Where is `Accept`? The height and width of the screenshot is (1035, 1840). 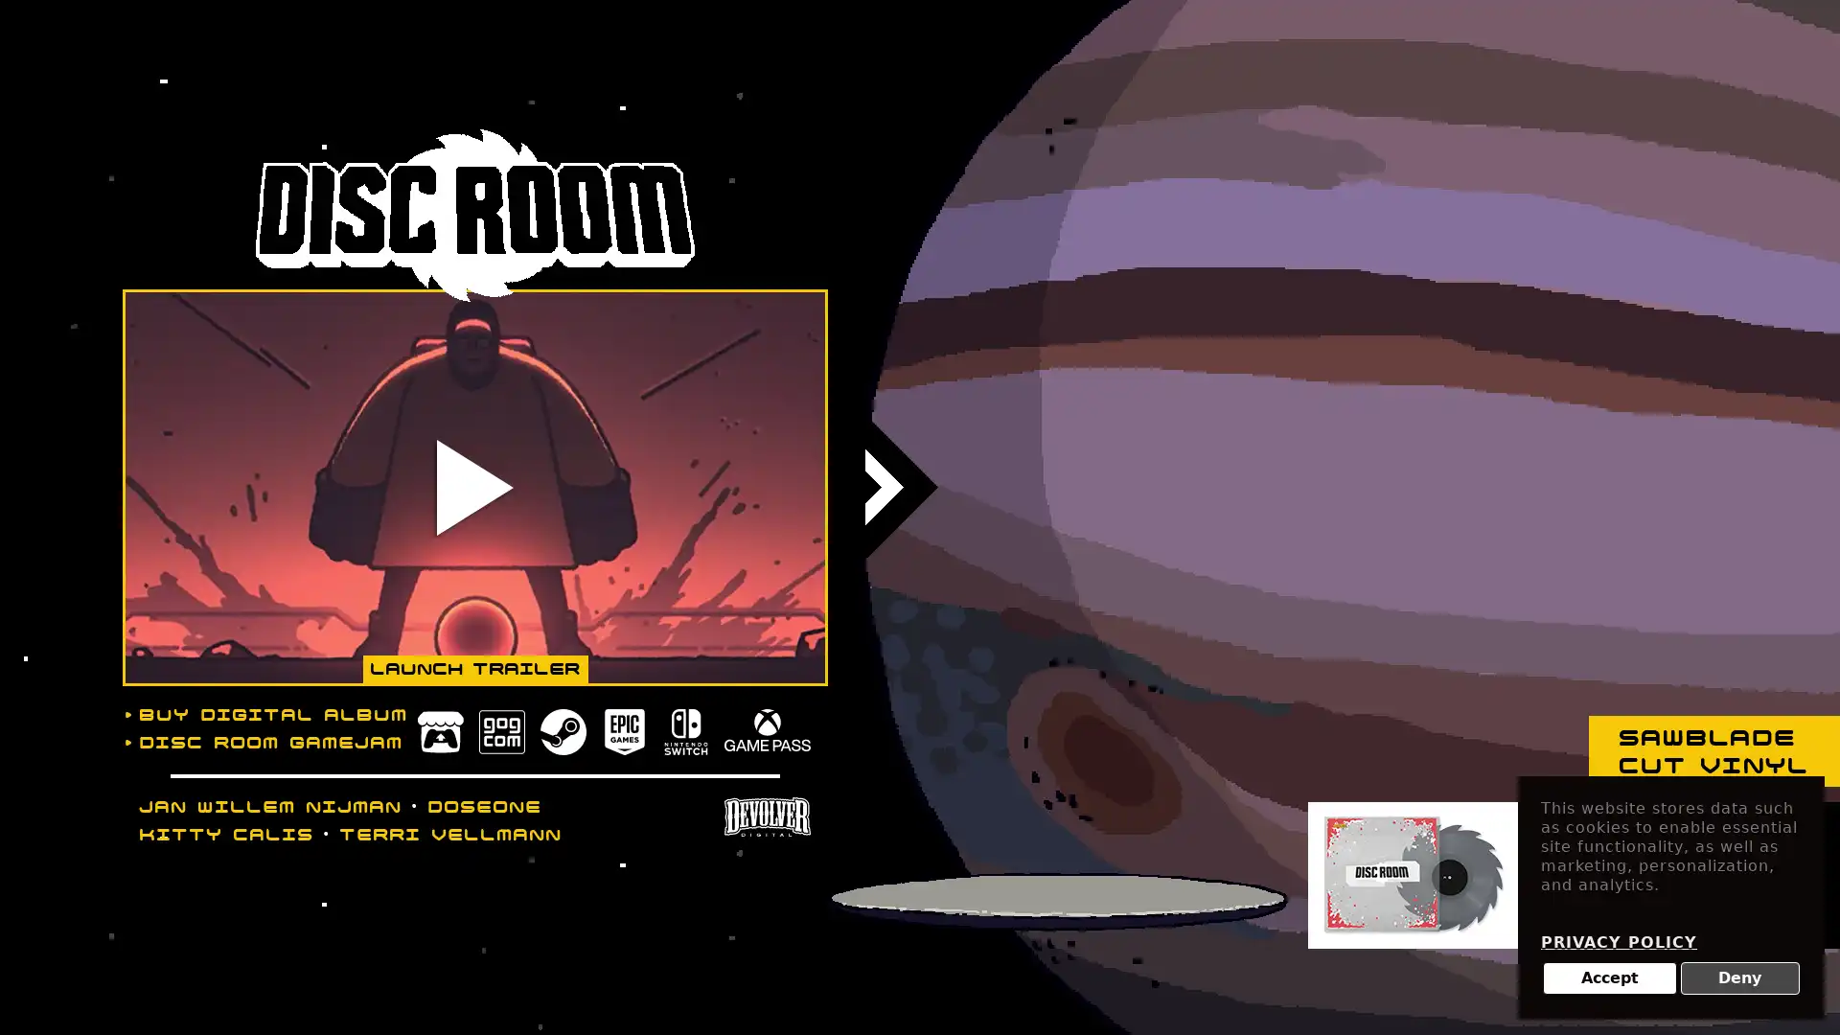 Accept is located at coordinates (1609, 978).